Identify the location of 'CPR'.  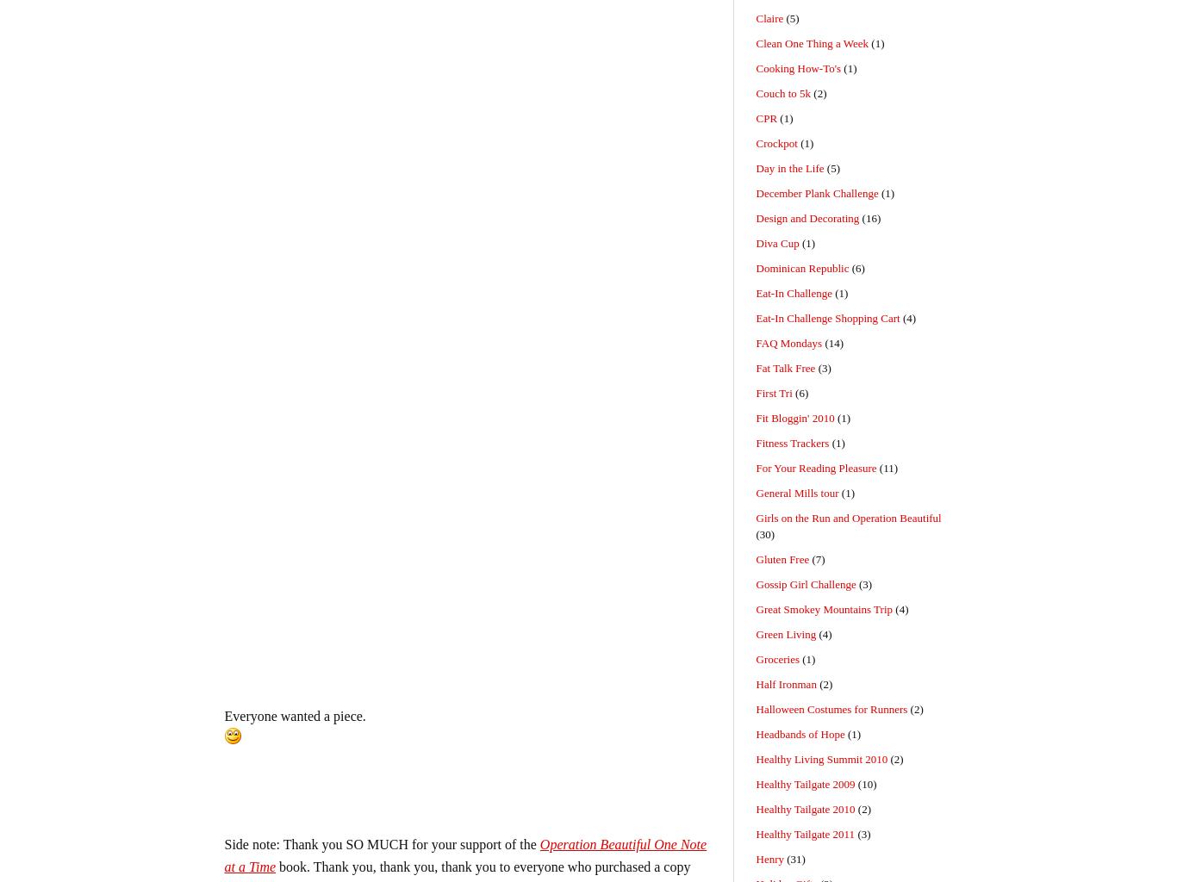
(765, 117).